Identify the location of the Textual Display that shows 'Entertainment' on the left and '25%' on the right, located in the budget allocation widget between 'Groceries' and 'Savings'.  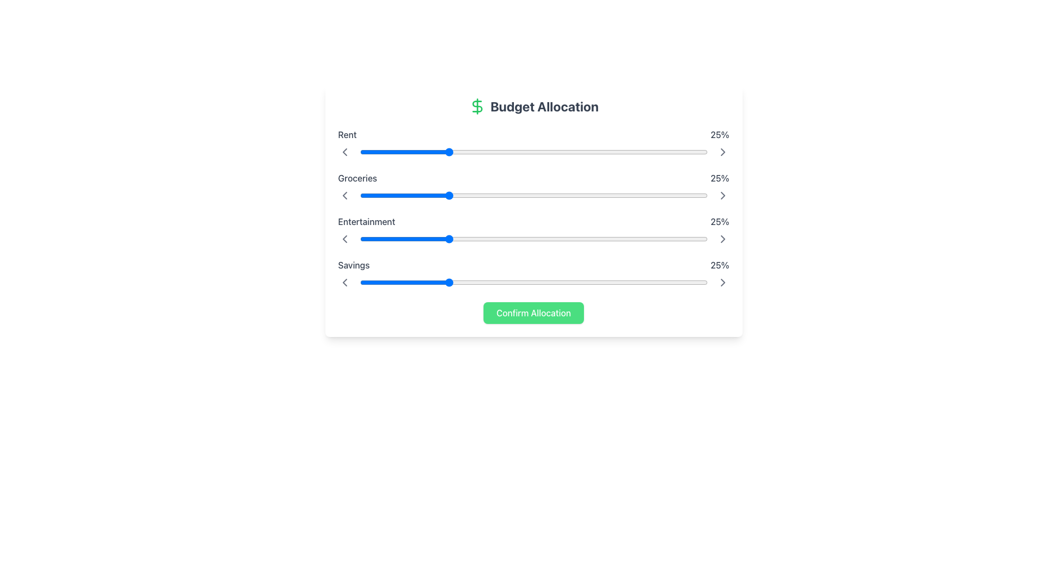
(533, 221).